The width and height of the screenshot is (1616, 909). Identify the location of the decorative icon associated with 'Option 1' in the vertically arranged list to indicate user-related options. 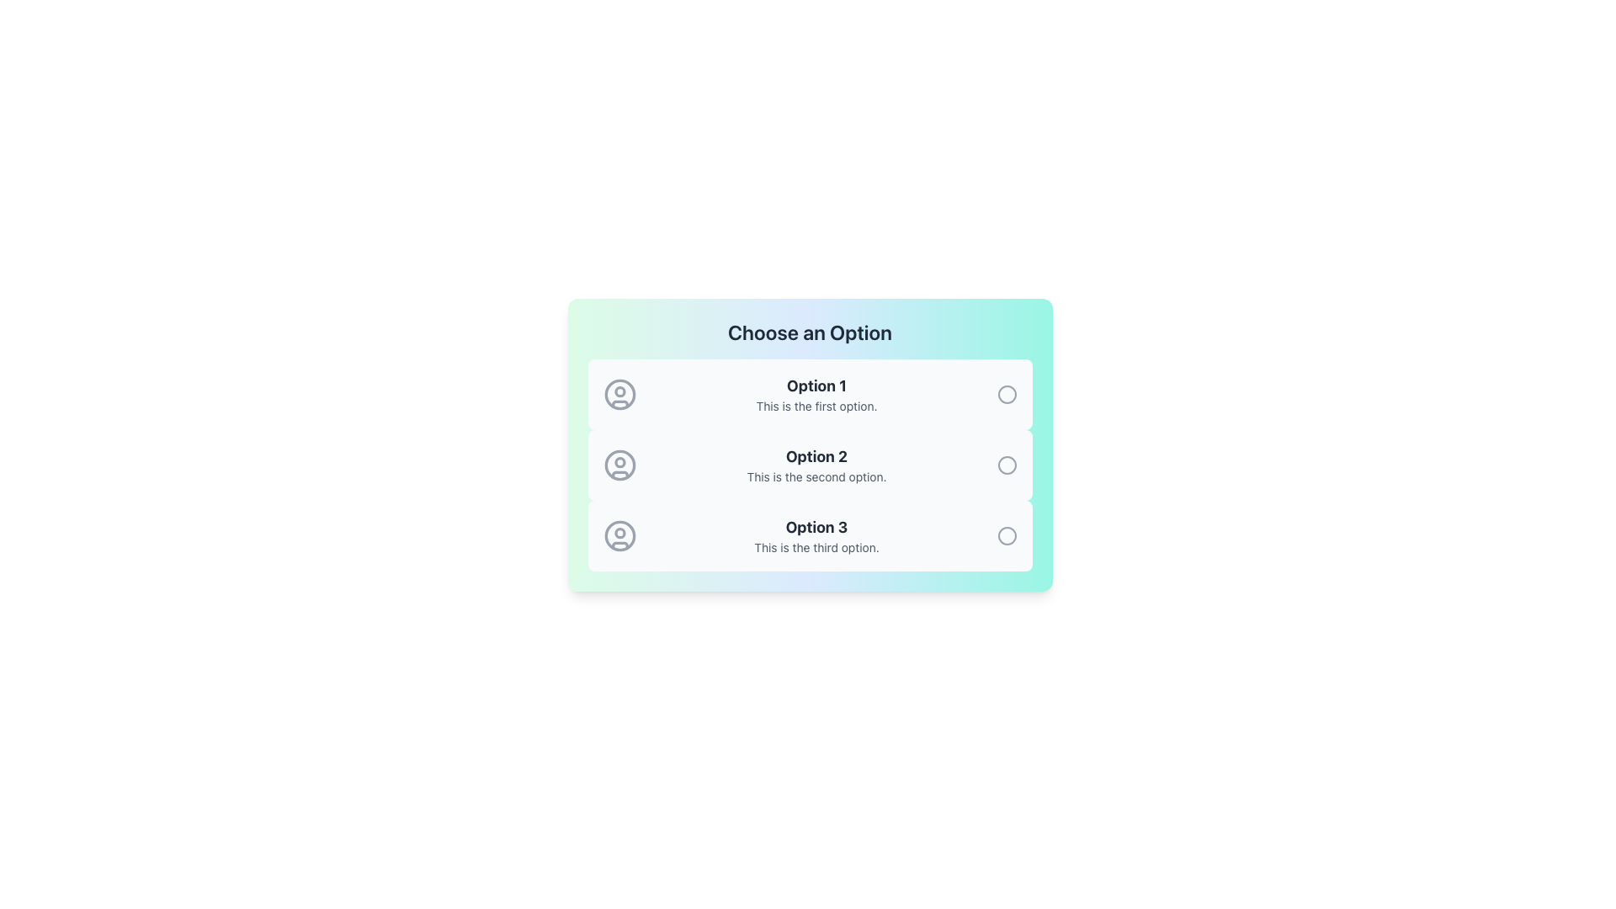
(619, 395).